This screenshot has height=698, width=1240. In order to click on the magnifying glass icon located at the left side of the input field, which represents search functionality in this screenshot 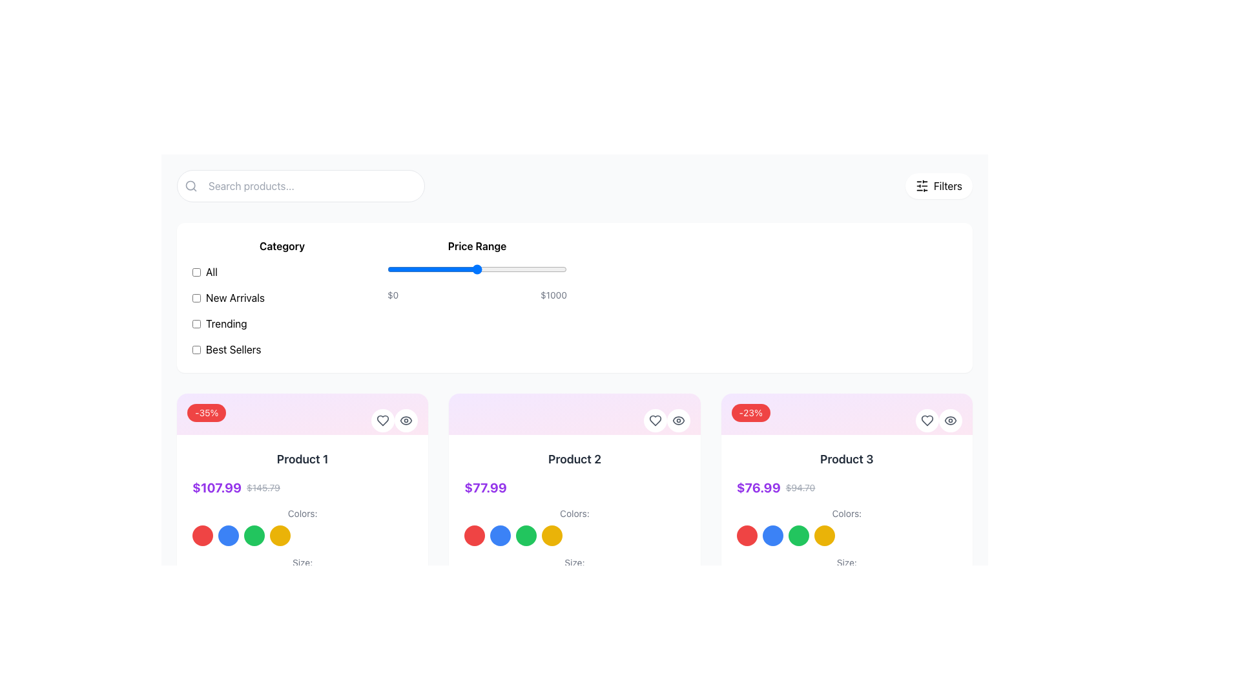, I will do `click(191, 186)`.